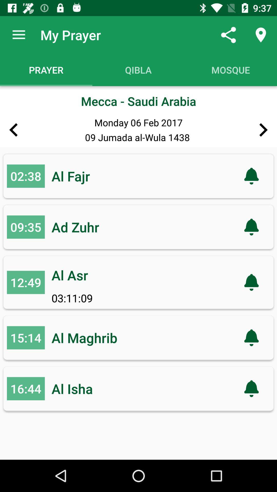 The image size is (277, 492). Describe the element at coordinates (18, 35) in the screenshot. I see `app next to my prayer icon` at that location.